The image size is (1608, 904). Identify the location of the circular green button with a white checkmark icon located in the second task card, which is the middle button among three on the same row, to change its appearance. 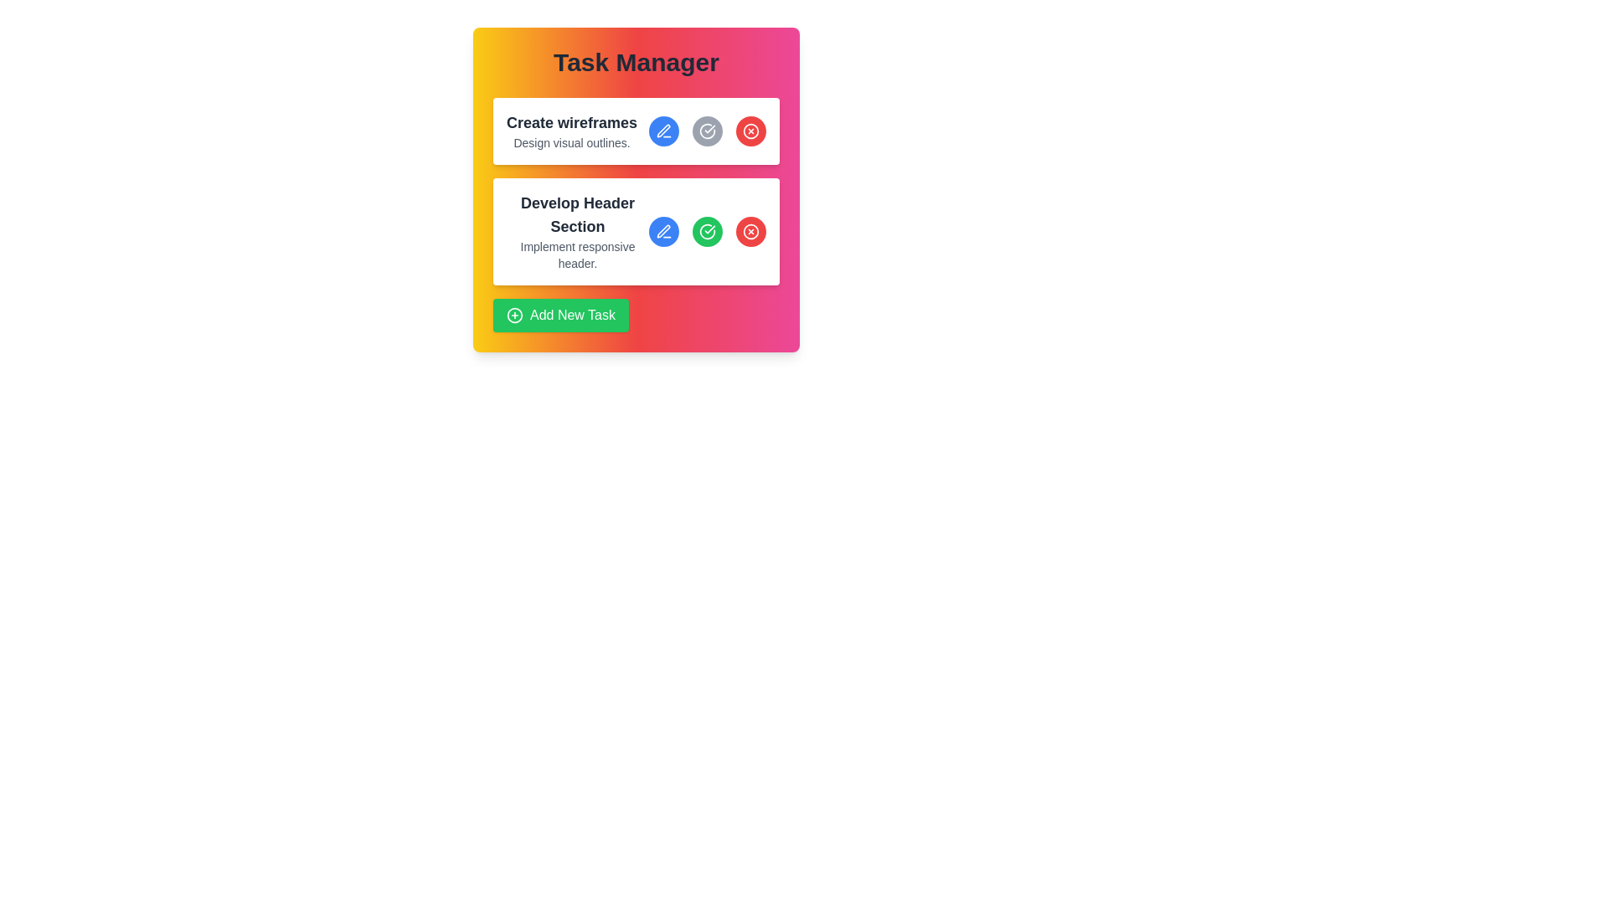
(707, 232).